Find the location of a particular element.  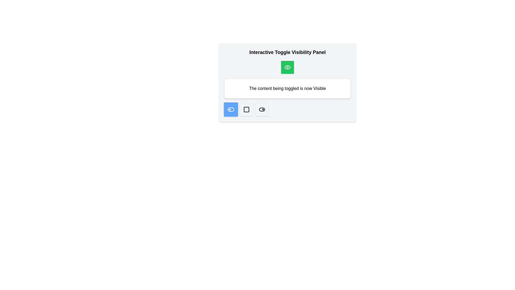

the toggle switch background element, which is a rounded rectangle with a white border and a black background, located on the right side of the toggle switch interface is located at coordinates (262, 109).